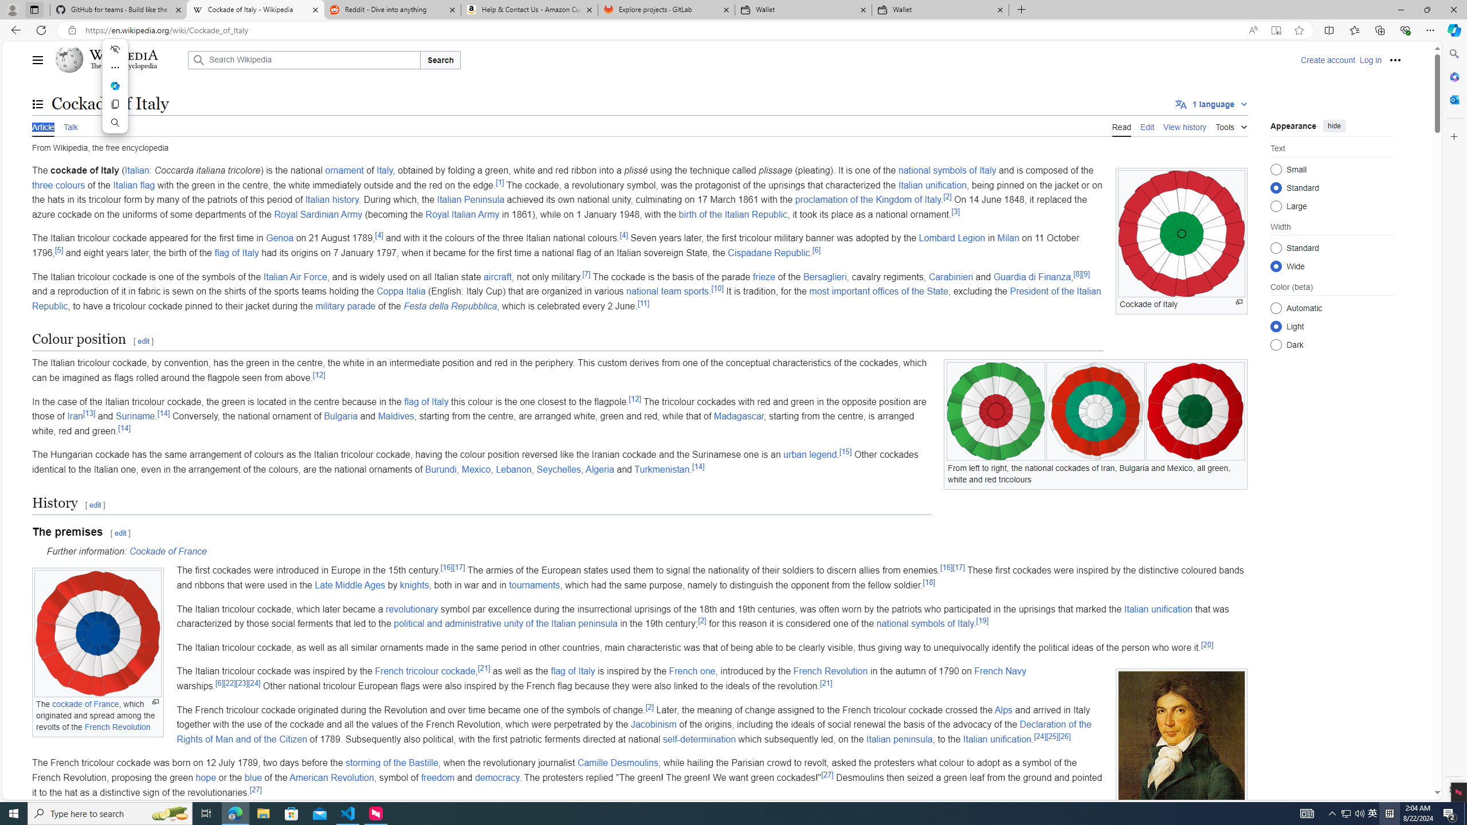  What do you see at coordinates (951, 276) in the screenshot?
I see `'Carabinieri'` at bounding box center [951, 276].